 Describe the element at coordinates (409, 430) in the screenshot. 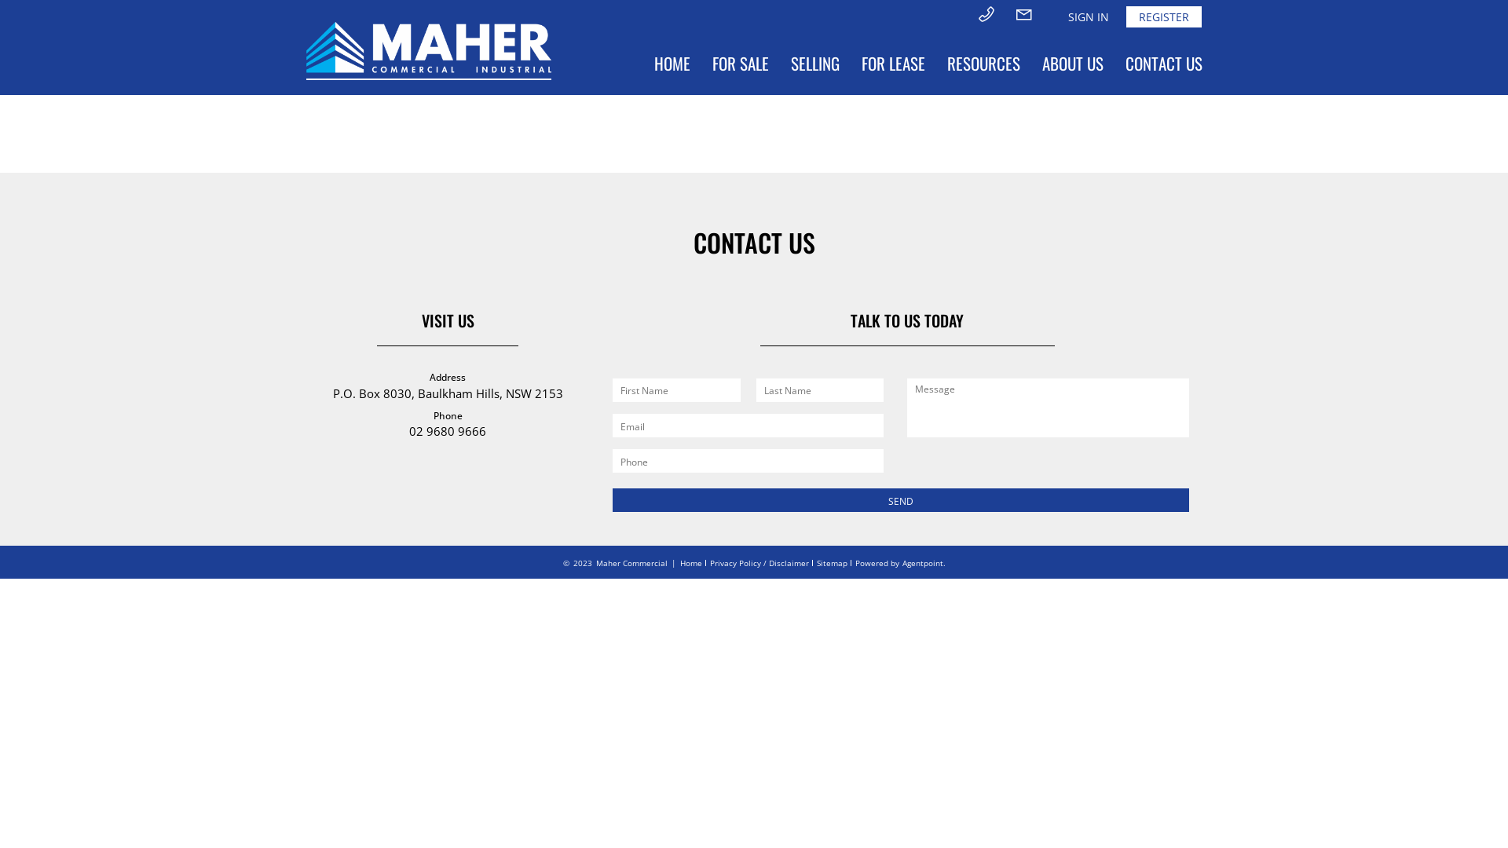

I see `'02 9680 9666'` at that location.